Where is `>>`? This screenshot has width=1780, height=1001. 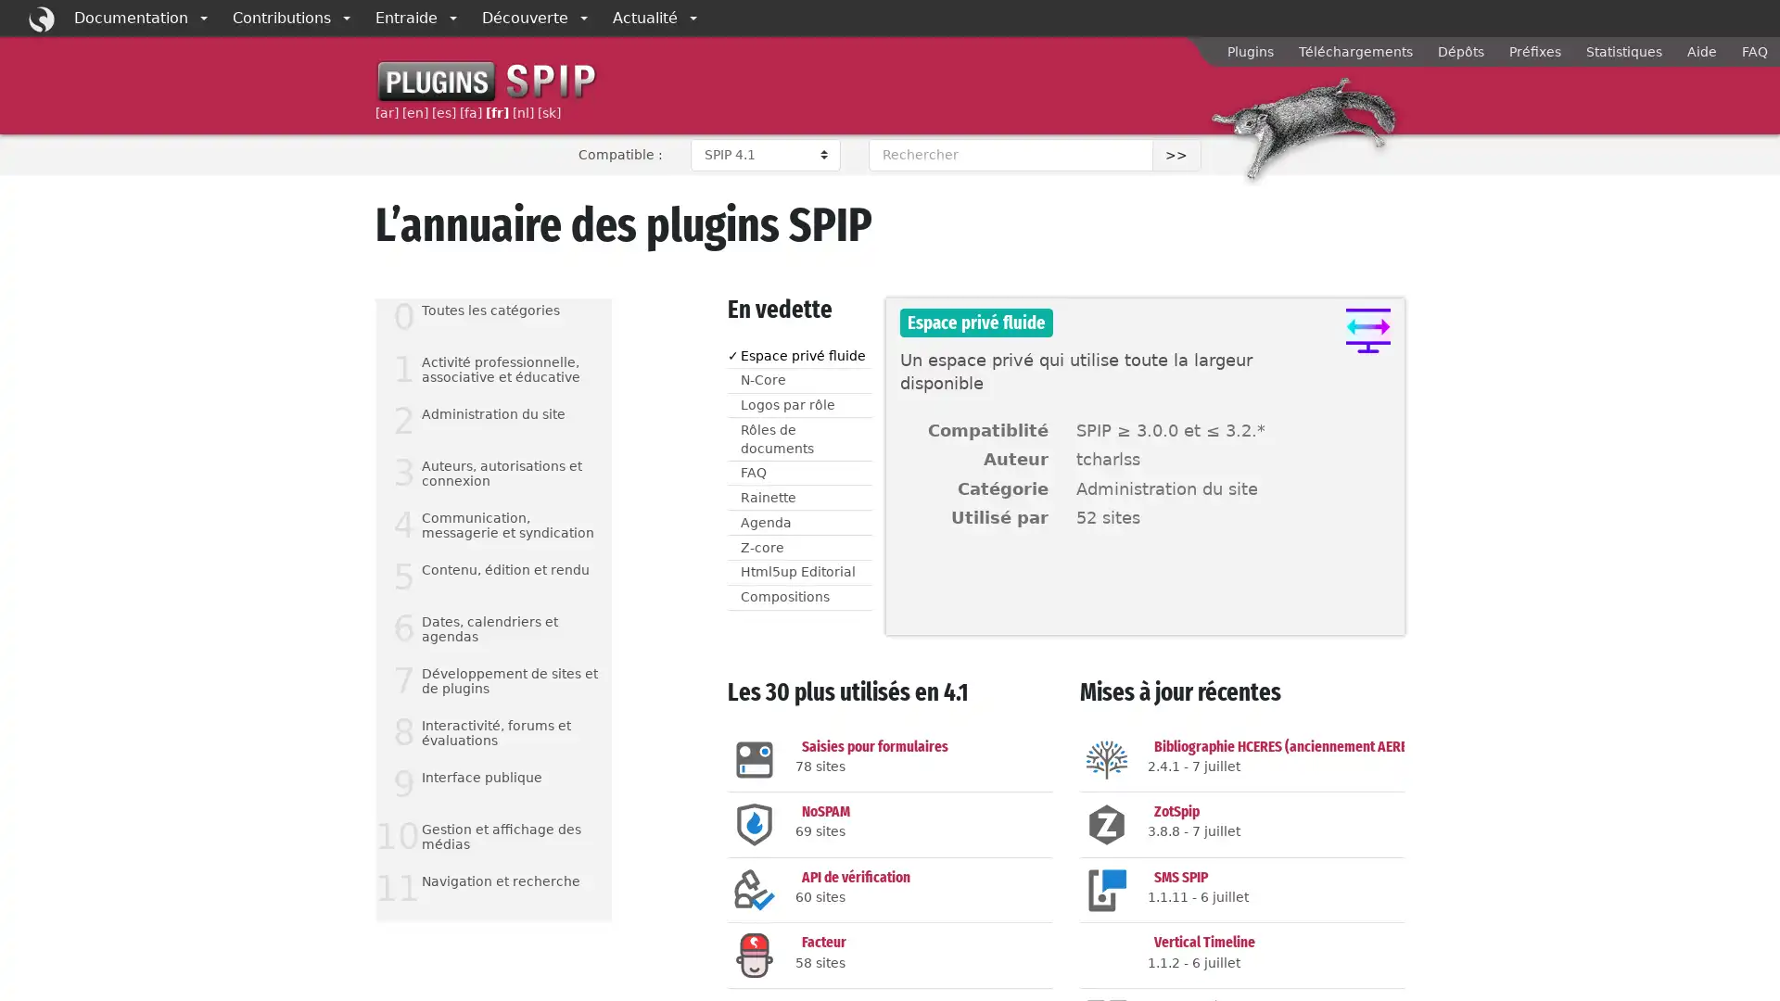 >> is located at coordinates (1175, 153).